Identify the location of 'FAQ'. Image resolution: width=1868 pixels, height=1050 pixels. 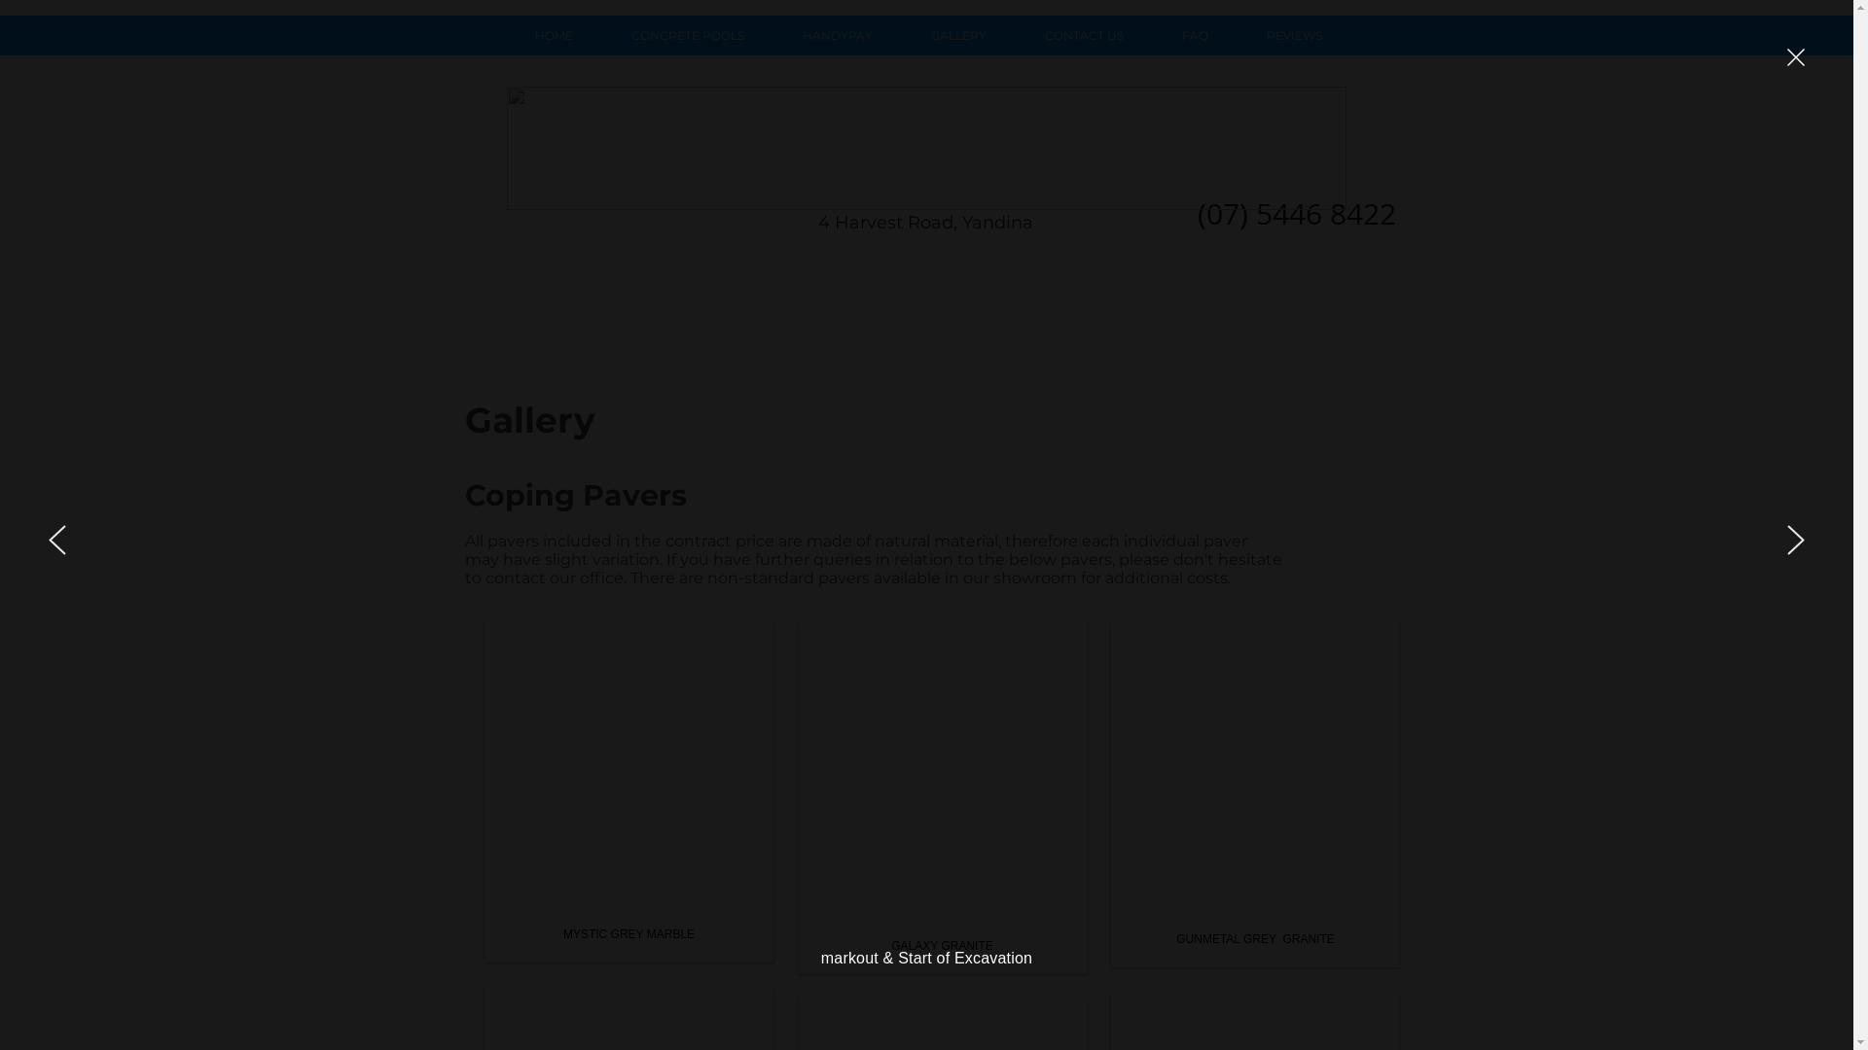
(1193, 35).